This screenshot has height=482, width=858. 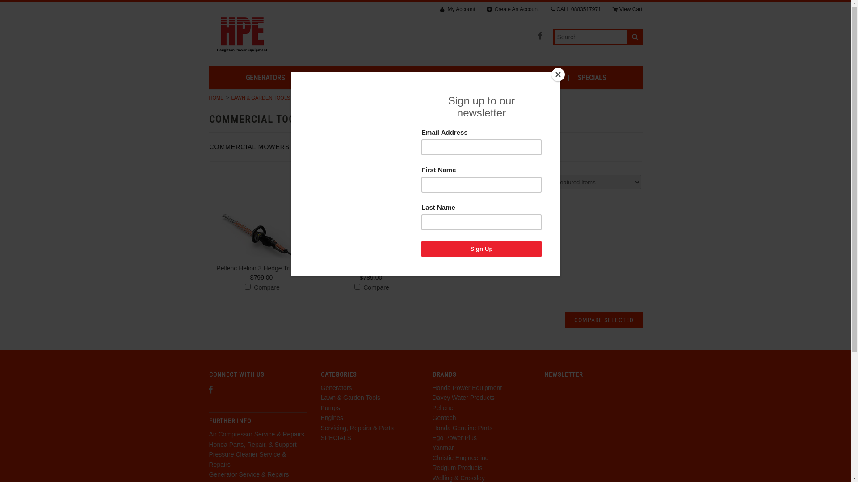 I want to click on 'Facebook', so click(x=210, y=390).